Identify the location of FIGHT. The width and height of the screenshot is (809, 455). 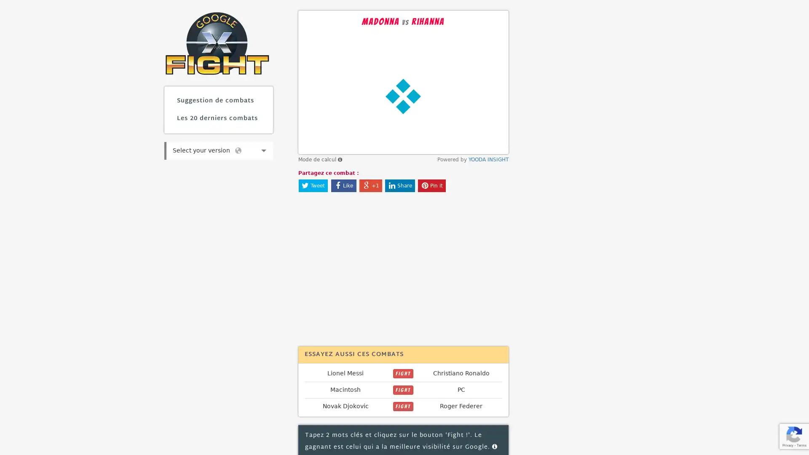
(402, 390).